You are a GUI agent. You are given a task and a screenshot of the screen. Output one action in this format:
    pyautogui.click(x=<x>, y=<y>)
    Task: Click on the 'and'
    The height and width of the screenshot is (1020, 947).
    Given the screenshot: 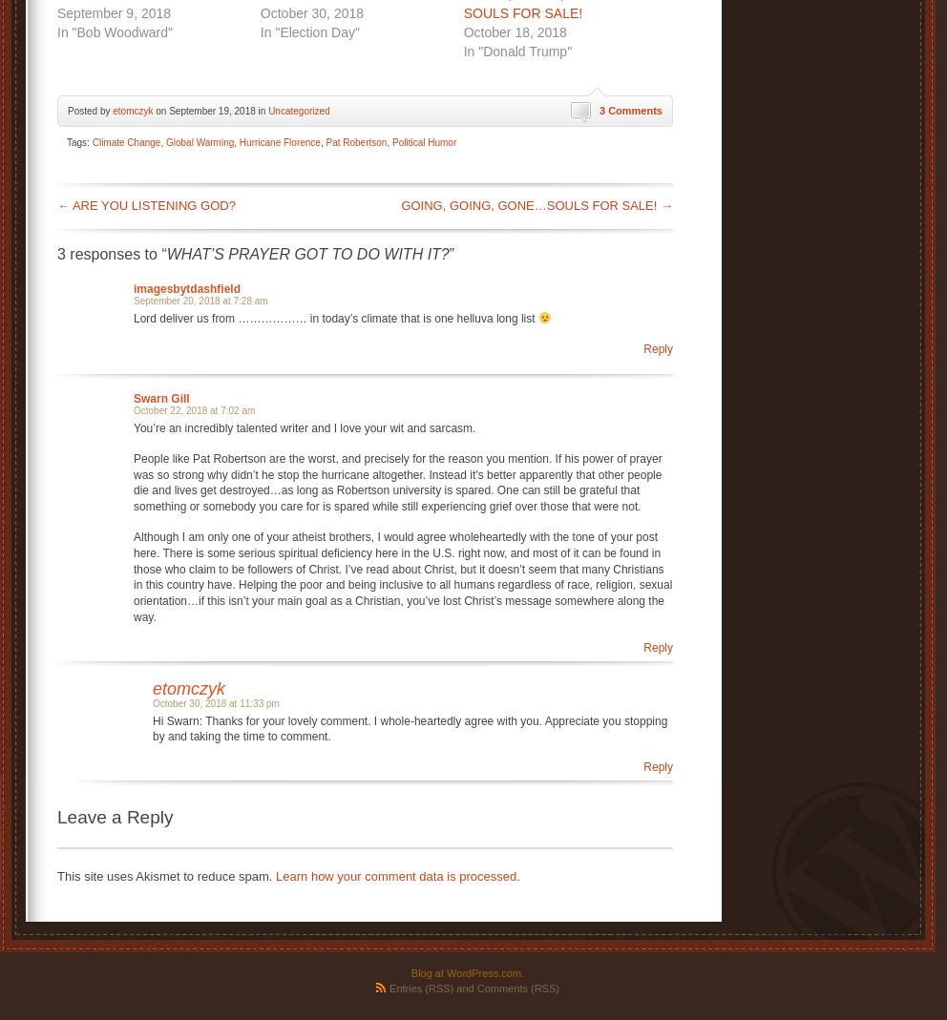 What is the action you would take?
    pyautogui.click(x=464, y=988)
    